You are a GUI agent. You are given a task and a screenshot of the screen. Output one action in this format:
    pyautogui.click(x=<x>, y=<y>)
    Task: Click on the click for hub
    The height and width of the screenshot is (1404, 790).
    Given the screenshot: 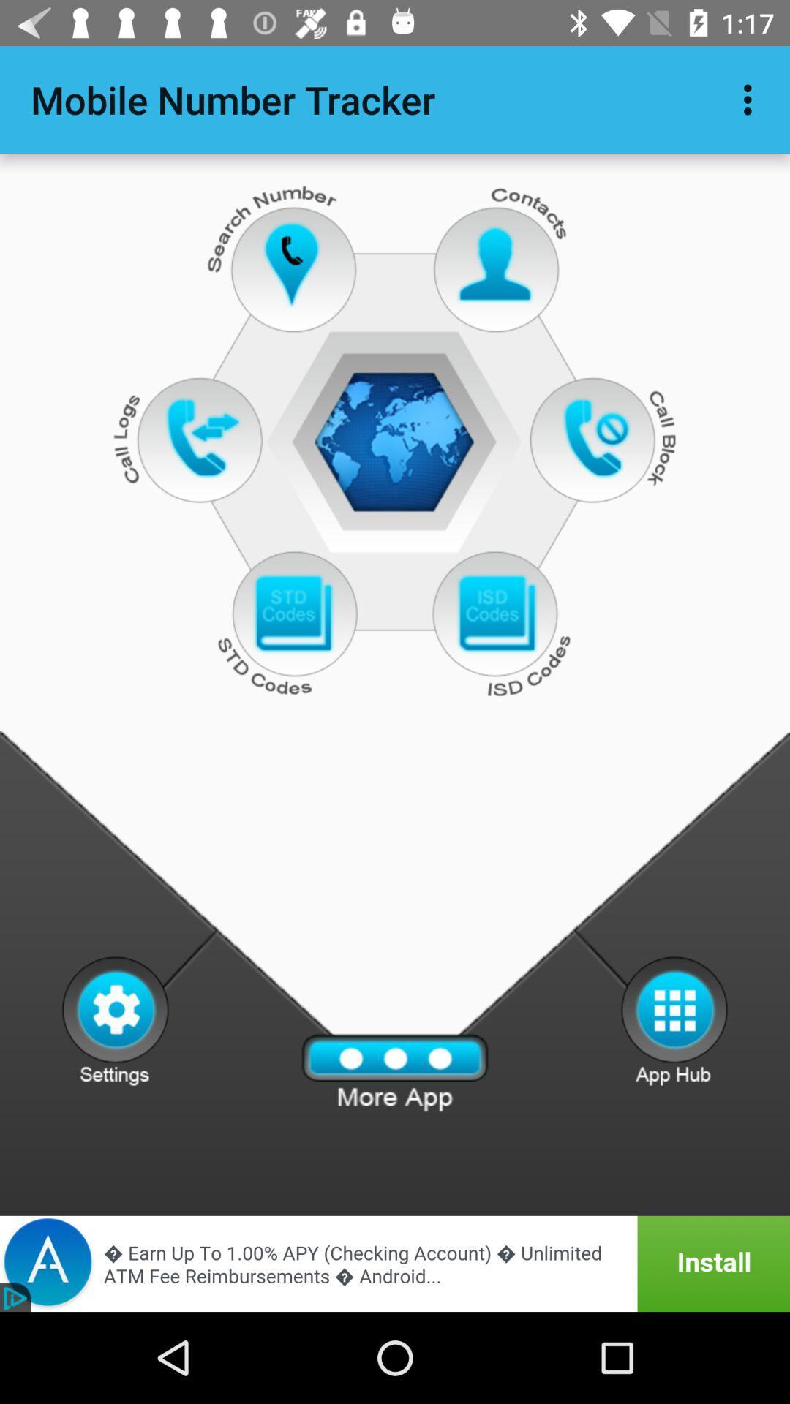 What is the action you would take?
    pyautogui.click(x=674, y=1019)
    